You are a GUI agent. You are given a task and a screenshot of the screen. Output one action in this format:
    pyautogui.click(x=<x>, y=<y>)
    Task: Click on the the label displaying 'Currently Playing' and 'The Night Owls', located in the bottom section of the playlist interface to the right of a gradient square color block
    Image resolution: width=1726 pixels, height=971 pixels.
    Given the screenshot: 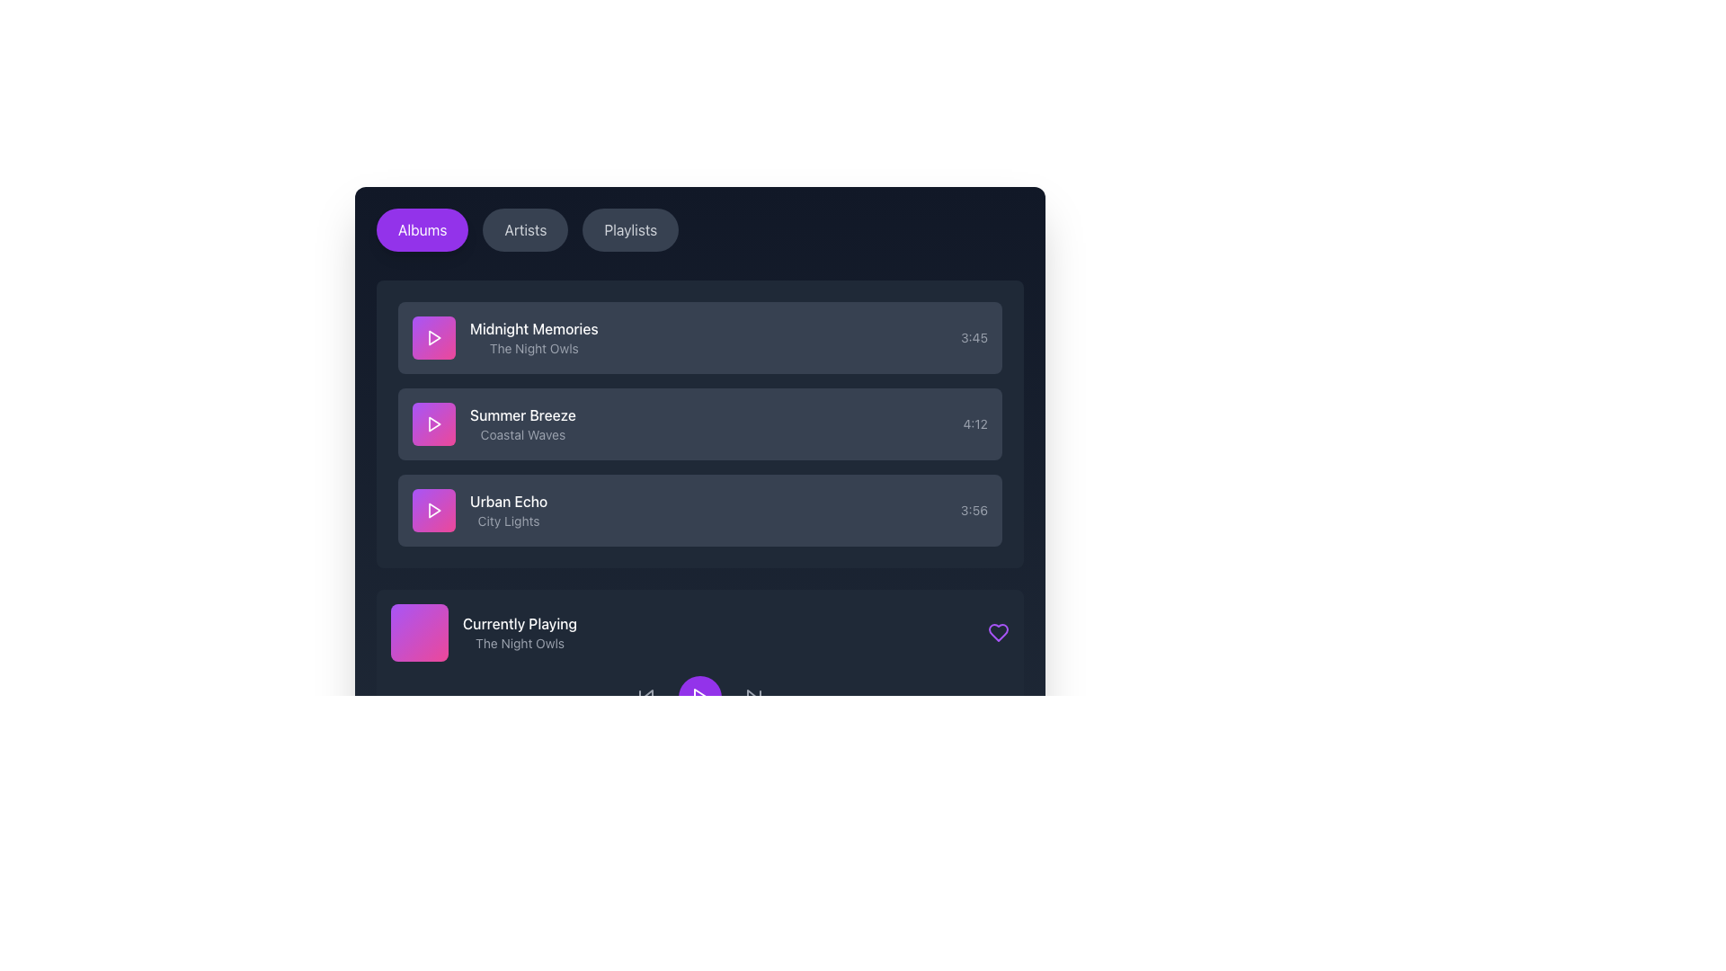 What is the action you would take?
    pyautogui.click(x=519, y=632)
    